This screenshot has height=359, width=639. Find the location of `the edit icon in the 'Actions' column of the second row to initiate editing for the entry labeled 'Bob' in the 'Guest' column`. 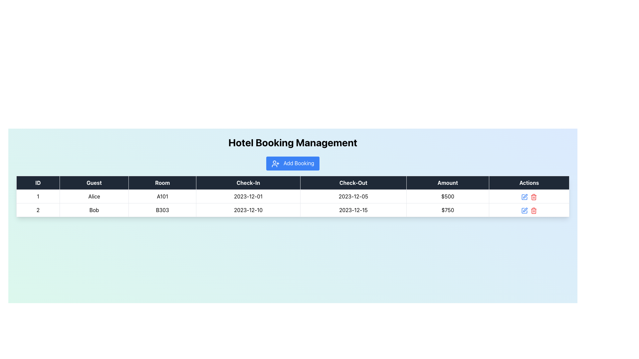

the edit icon in the 'Actions' column of the second row to initiate editing for the entry labeled 'Bob' in the 'Guest' column is located at coordinates (524, 210).